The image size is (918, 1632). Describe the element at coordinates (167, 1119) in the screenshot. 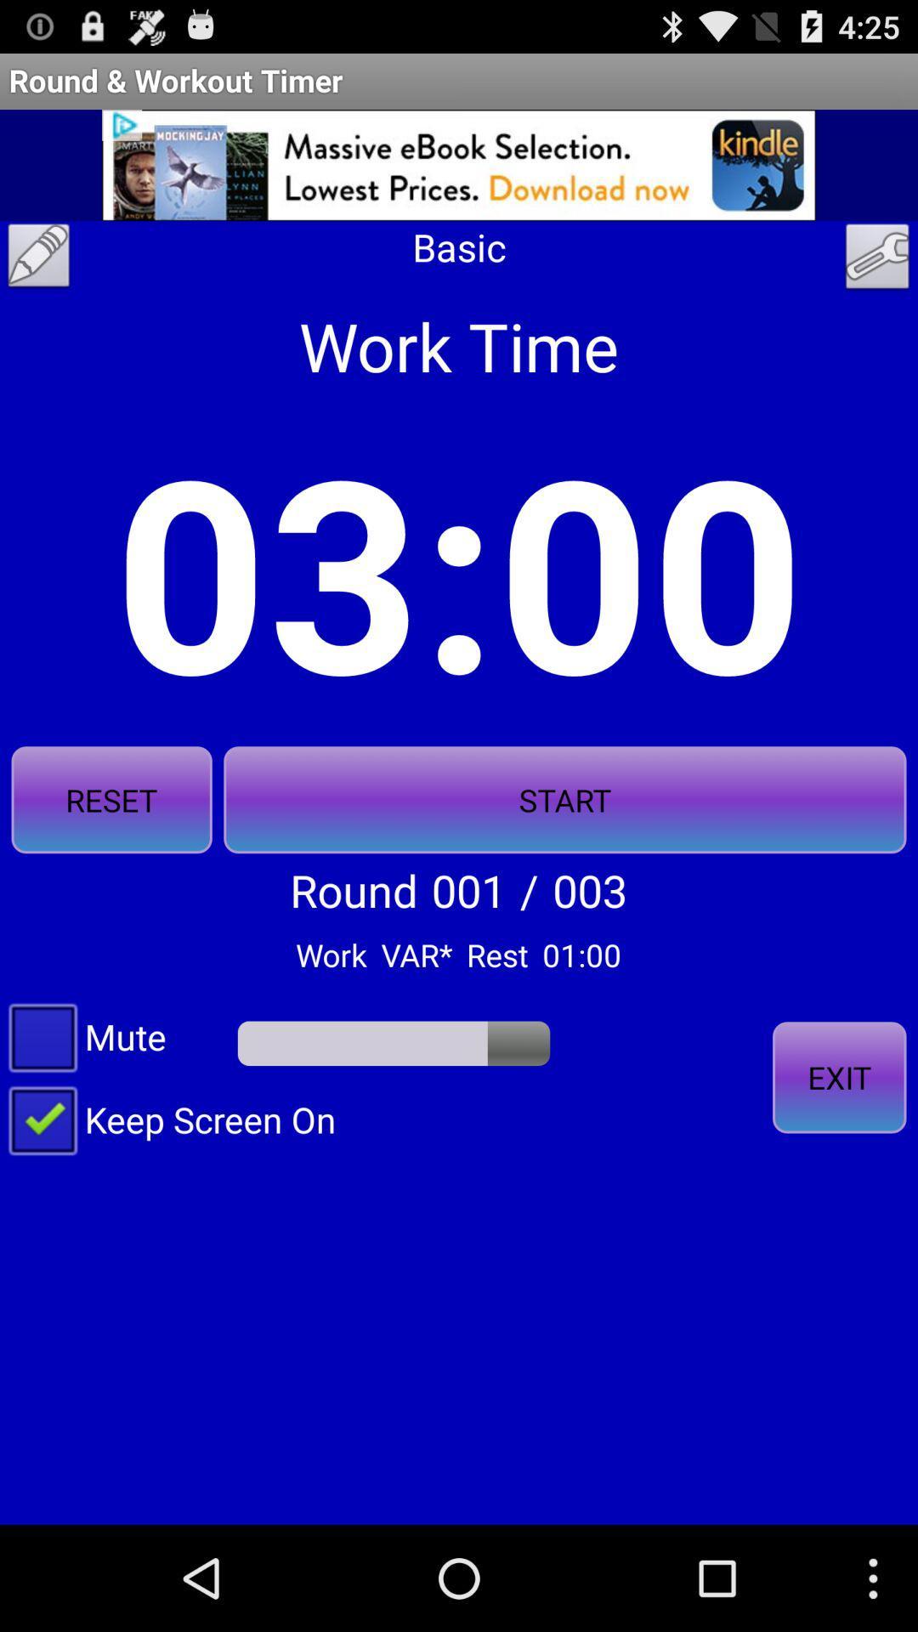

I see `the item next to exit button` at that location.